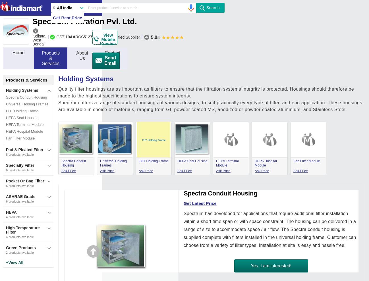 Image resolution: width=369 pixels, height=281 pixels. What do you see at coordinates (82, 55) in the screenshot?
I see `'About Us'` at bounding box center [82, 55].